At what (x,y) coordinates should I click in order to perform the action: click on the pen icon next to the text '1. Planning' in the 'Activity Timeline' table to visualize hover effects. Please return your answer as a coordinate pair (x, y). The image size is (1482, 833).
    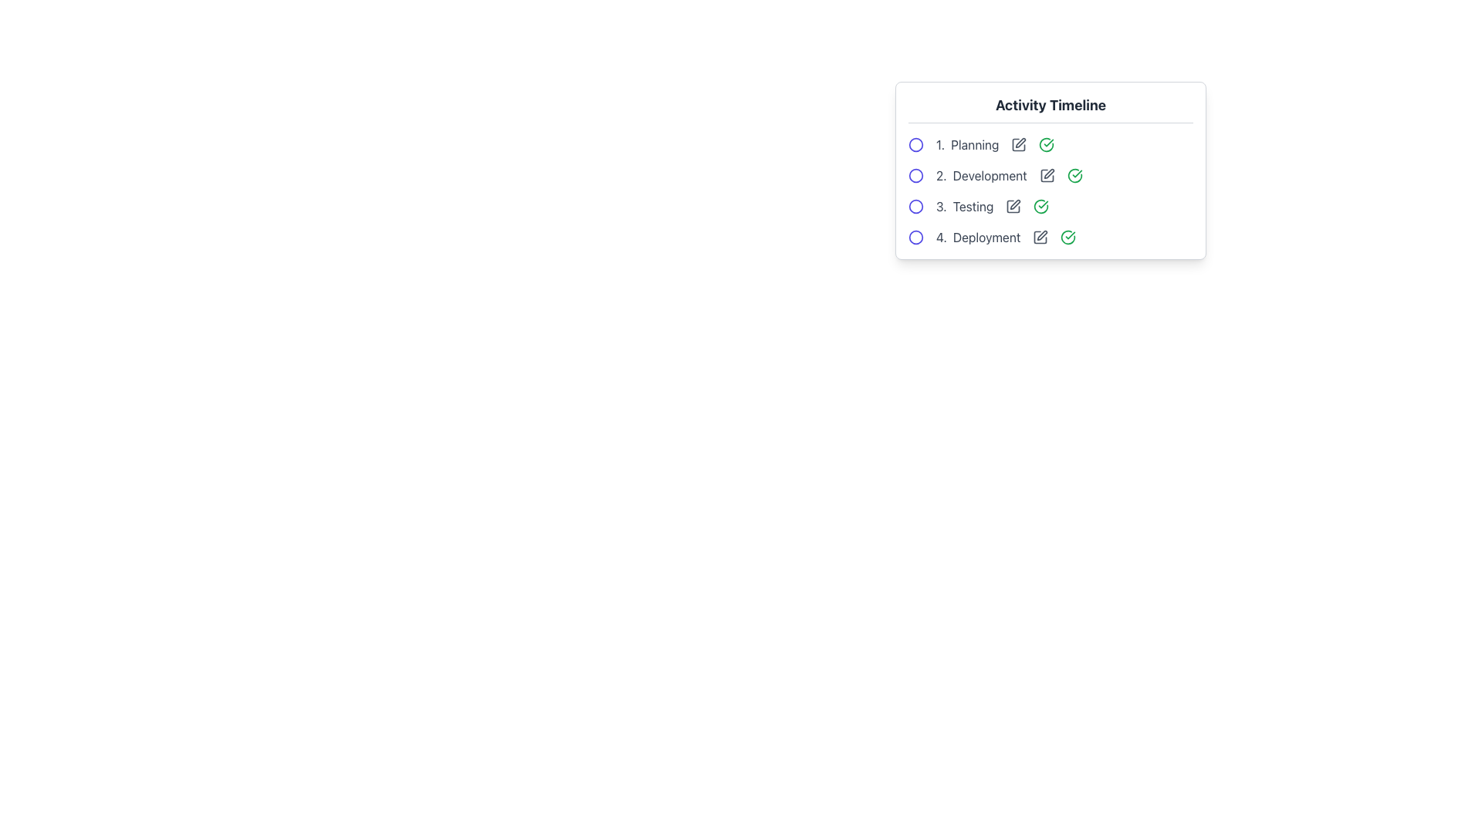
    Looking at the image, I should click on (1019, 145).